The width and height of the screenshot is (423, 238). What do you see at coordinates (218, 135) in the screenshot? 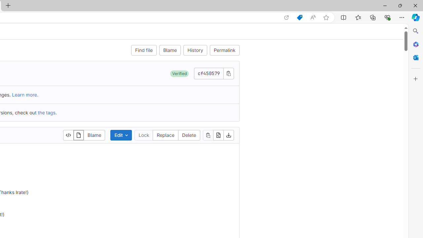
I see `'Open raw'` at bounding box center [218, 135].